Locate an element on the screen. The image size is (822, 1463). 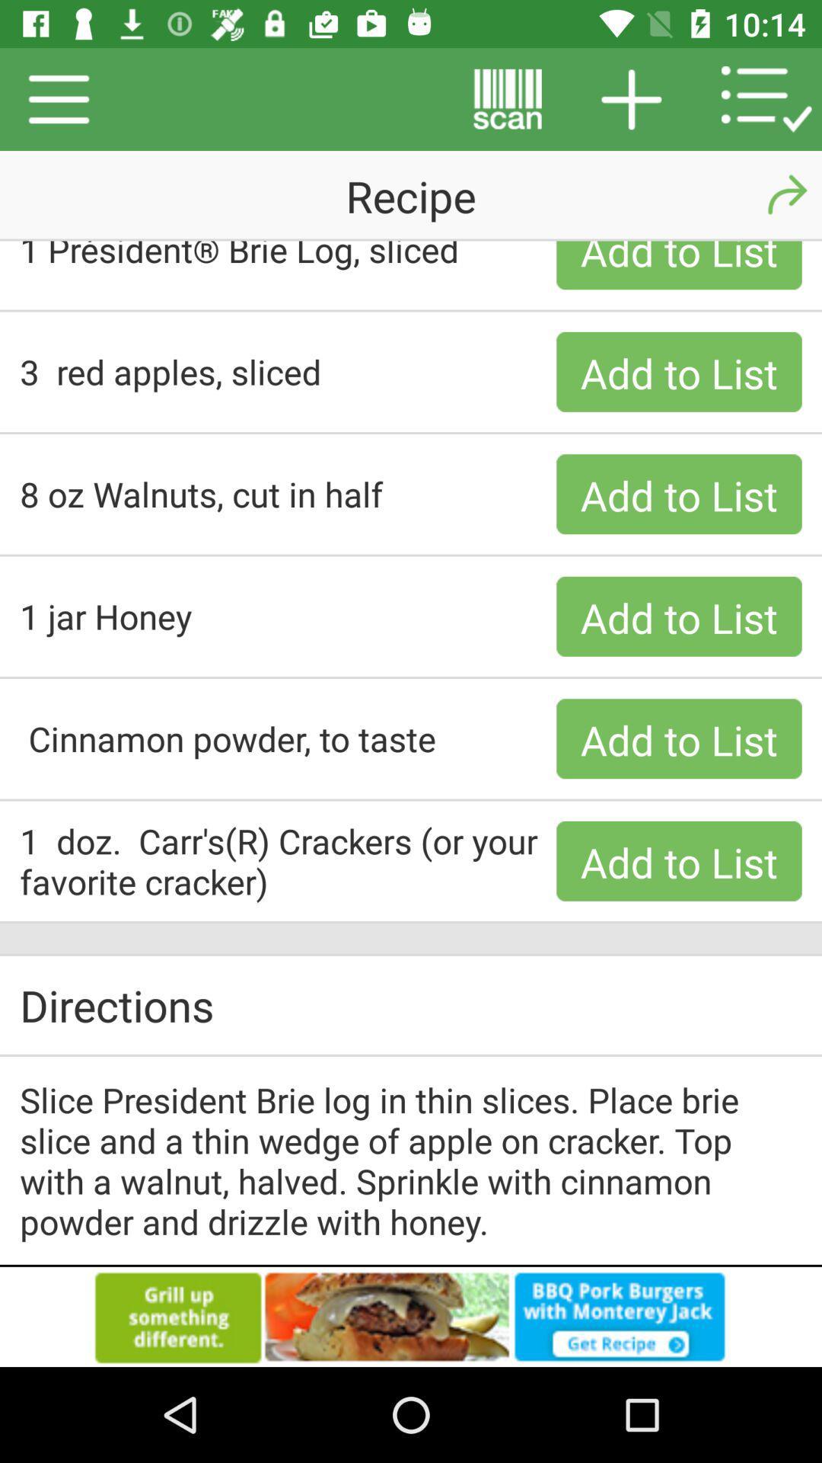
the redo icon is located at coordinates (786, 194).